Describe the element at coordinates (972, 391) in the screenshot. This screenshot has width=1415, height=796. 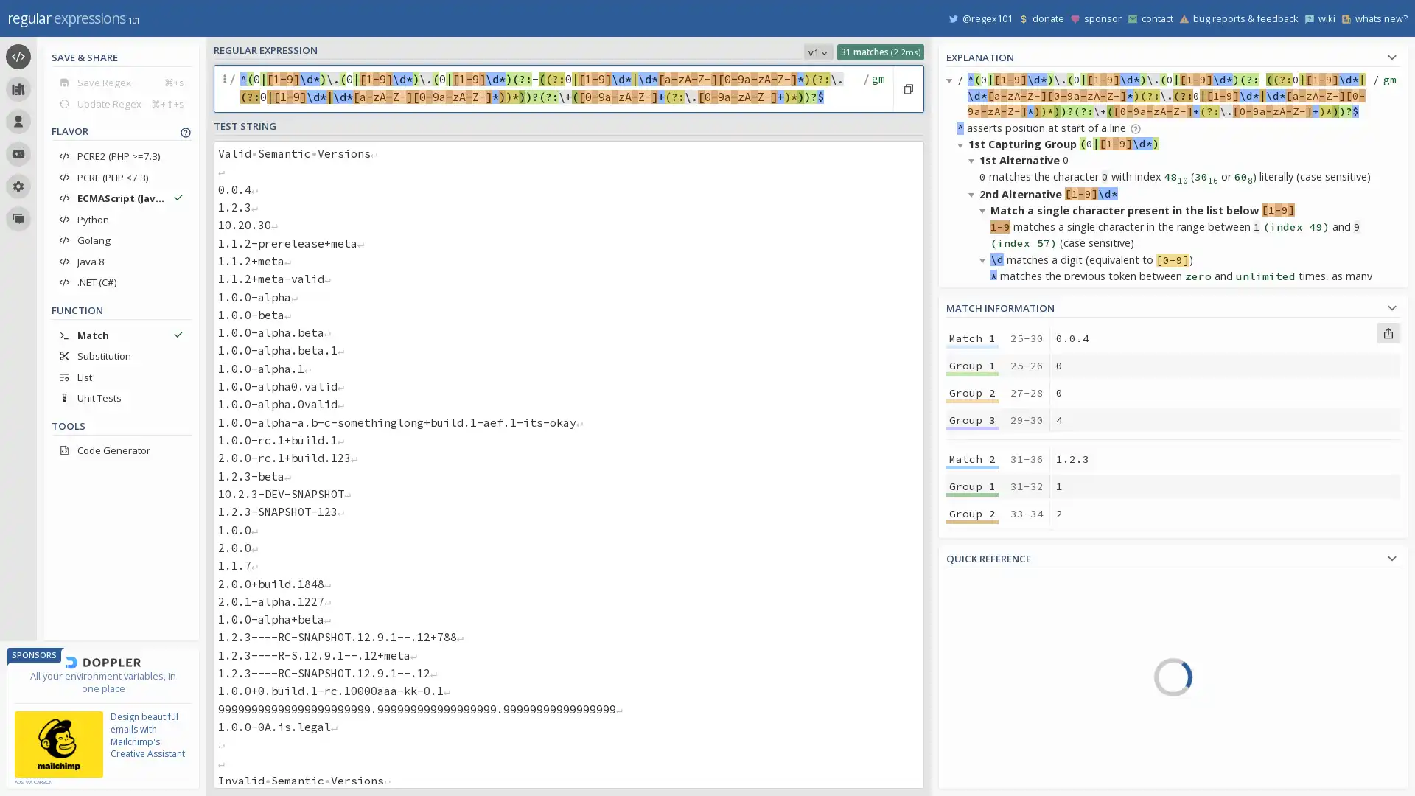
I see `Group 2` at that location.